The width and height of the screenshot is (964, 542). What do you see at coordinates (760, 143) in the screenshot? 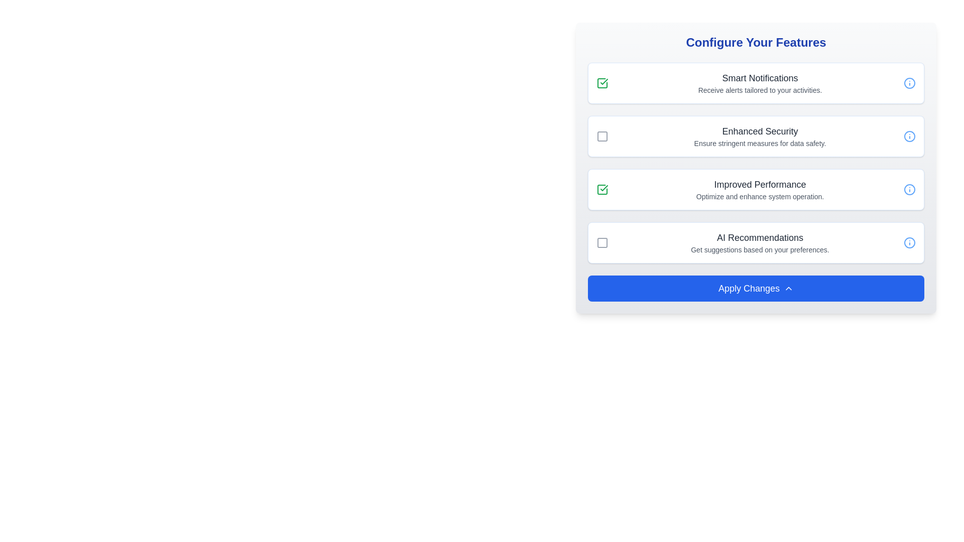
I see `the static text reading 'Ensure stringent measures for data safety.' which is situated beneath the title 'Enhanced Security.'` at bounding box center [760, 143].